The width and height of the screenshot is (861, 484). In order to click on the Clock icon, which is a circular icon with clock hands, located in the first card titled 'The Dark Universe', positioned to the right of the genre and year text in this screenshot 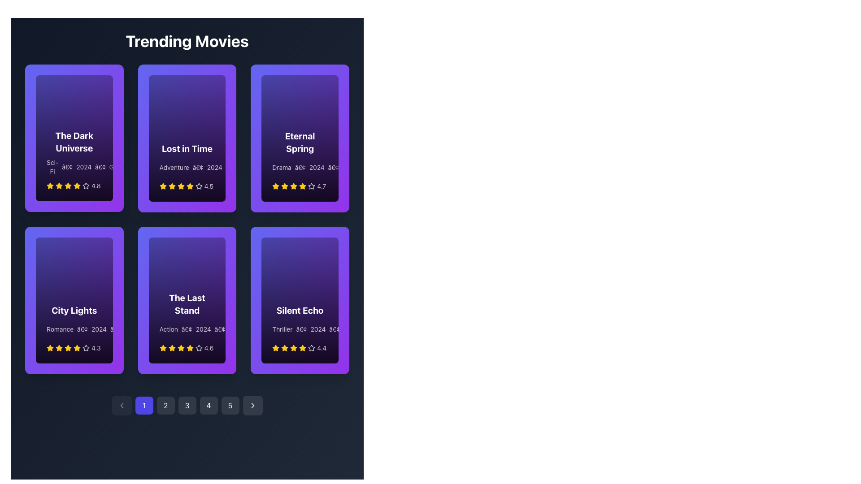, I will do `click(111, 167)`.